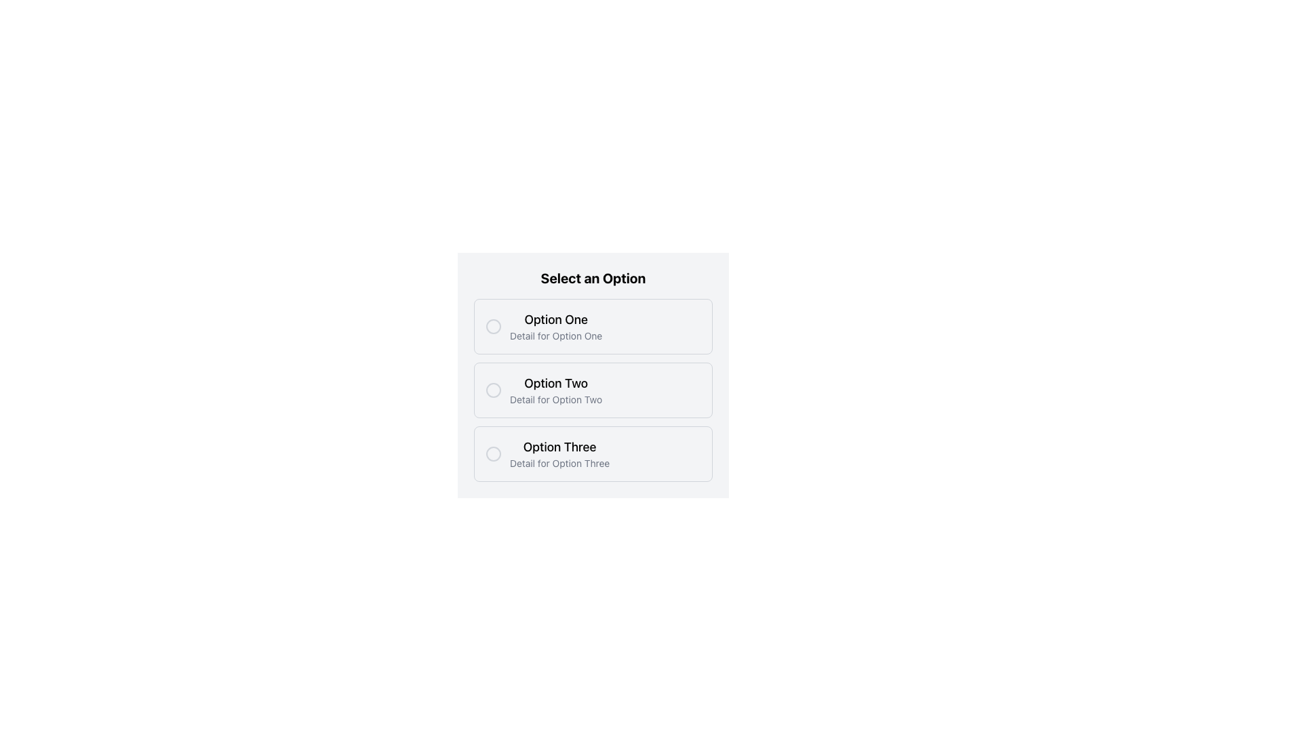 The width and height of the screenshot is (1302, 732). What do you see at coordinates (493, 454) in the screenshot?
I see `the center of the circular indicator for the third selection option of the Radio button` at bounding box center [493, 454].